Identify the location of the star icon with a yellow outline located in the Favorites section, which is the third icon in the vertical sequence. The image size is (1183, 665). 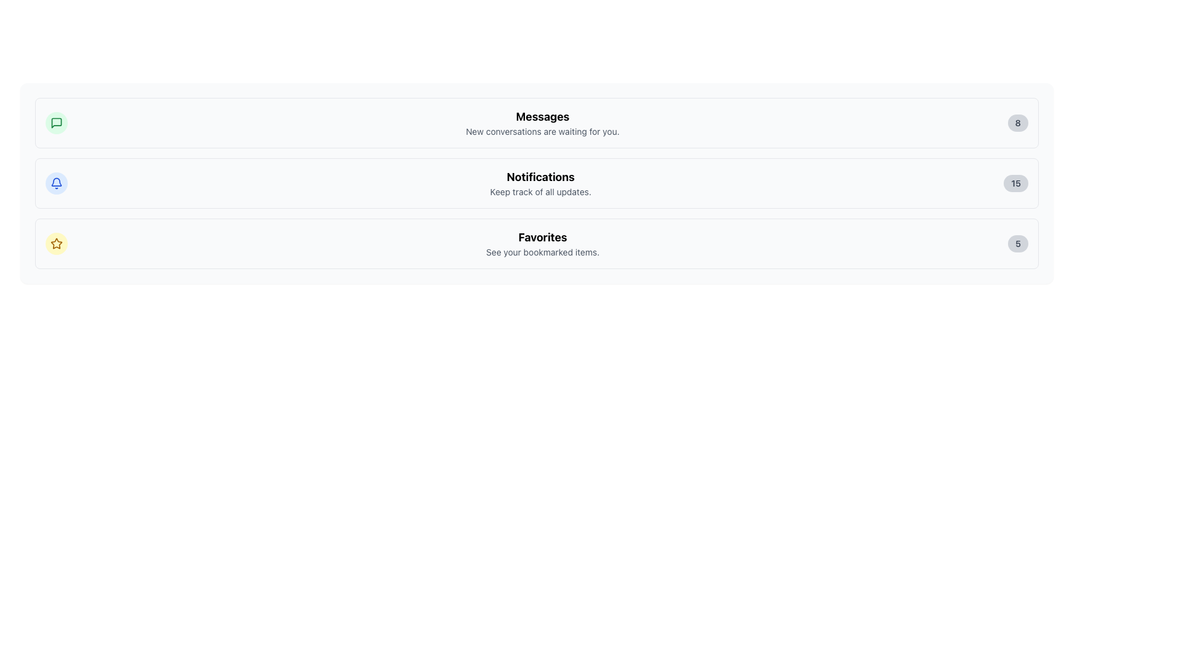
(55, 243).